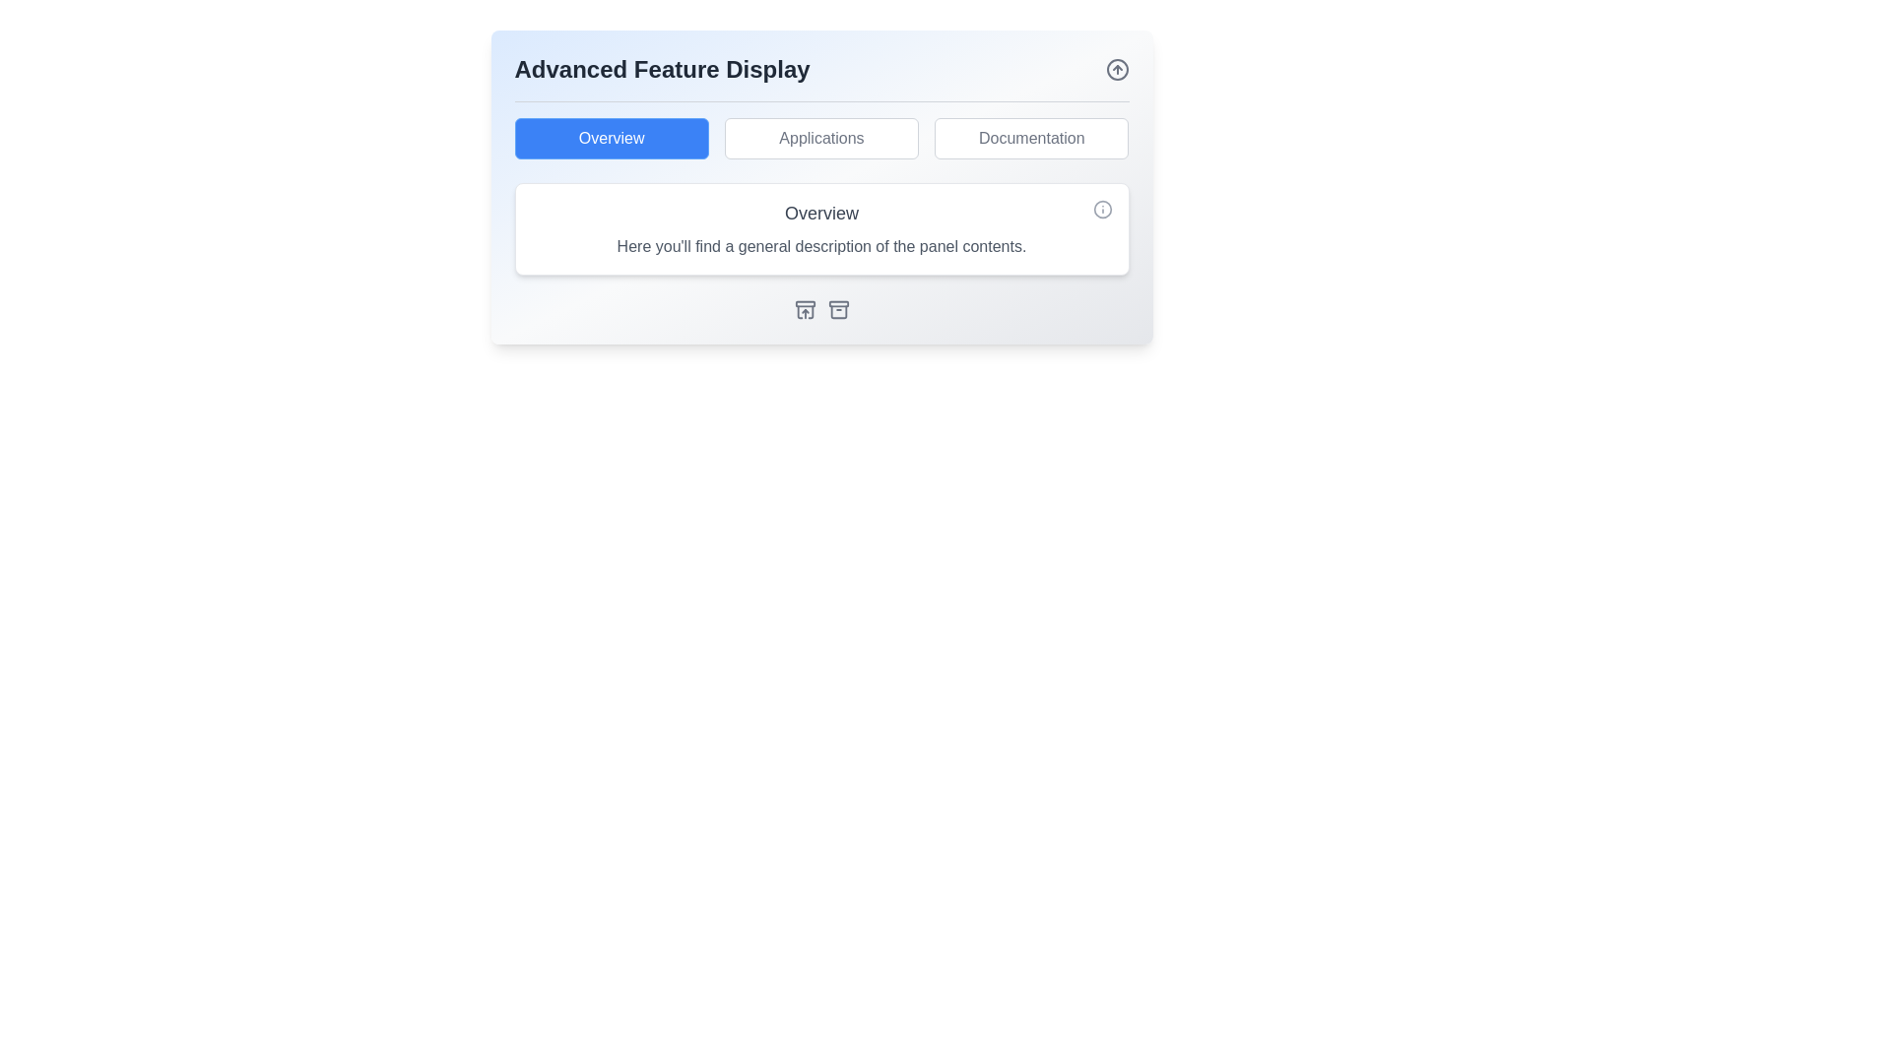 The image size is (1891, 1063). Describe the element at coordinates (821, 138) in the screenshot. I see `the second button in the horizontal list of three buttons` at that location.